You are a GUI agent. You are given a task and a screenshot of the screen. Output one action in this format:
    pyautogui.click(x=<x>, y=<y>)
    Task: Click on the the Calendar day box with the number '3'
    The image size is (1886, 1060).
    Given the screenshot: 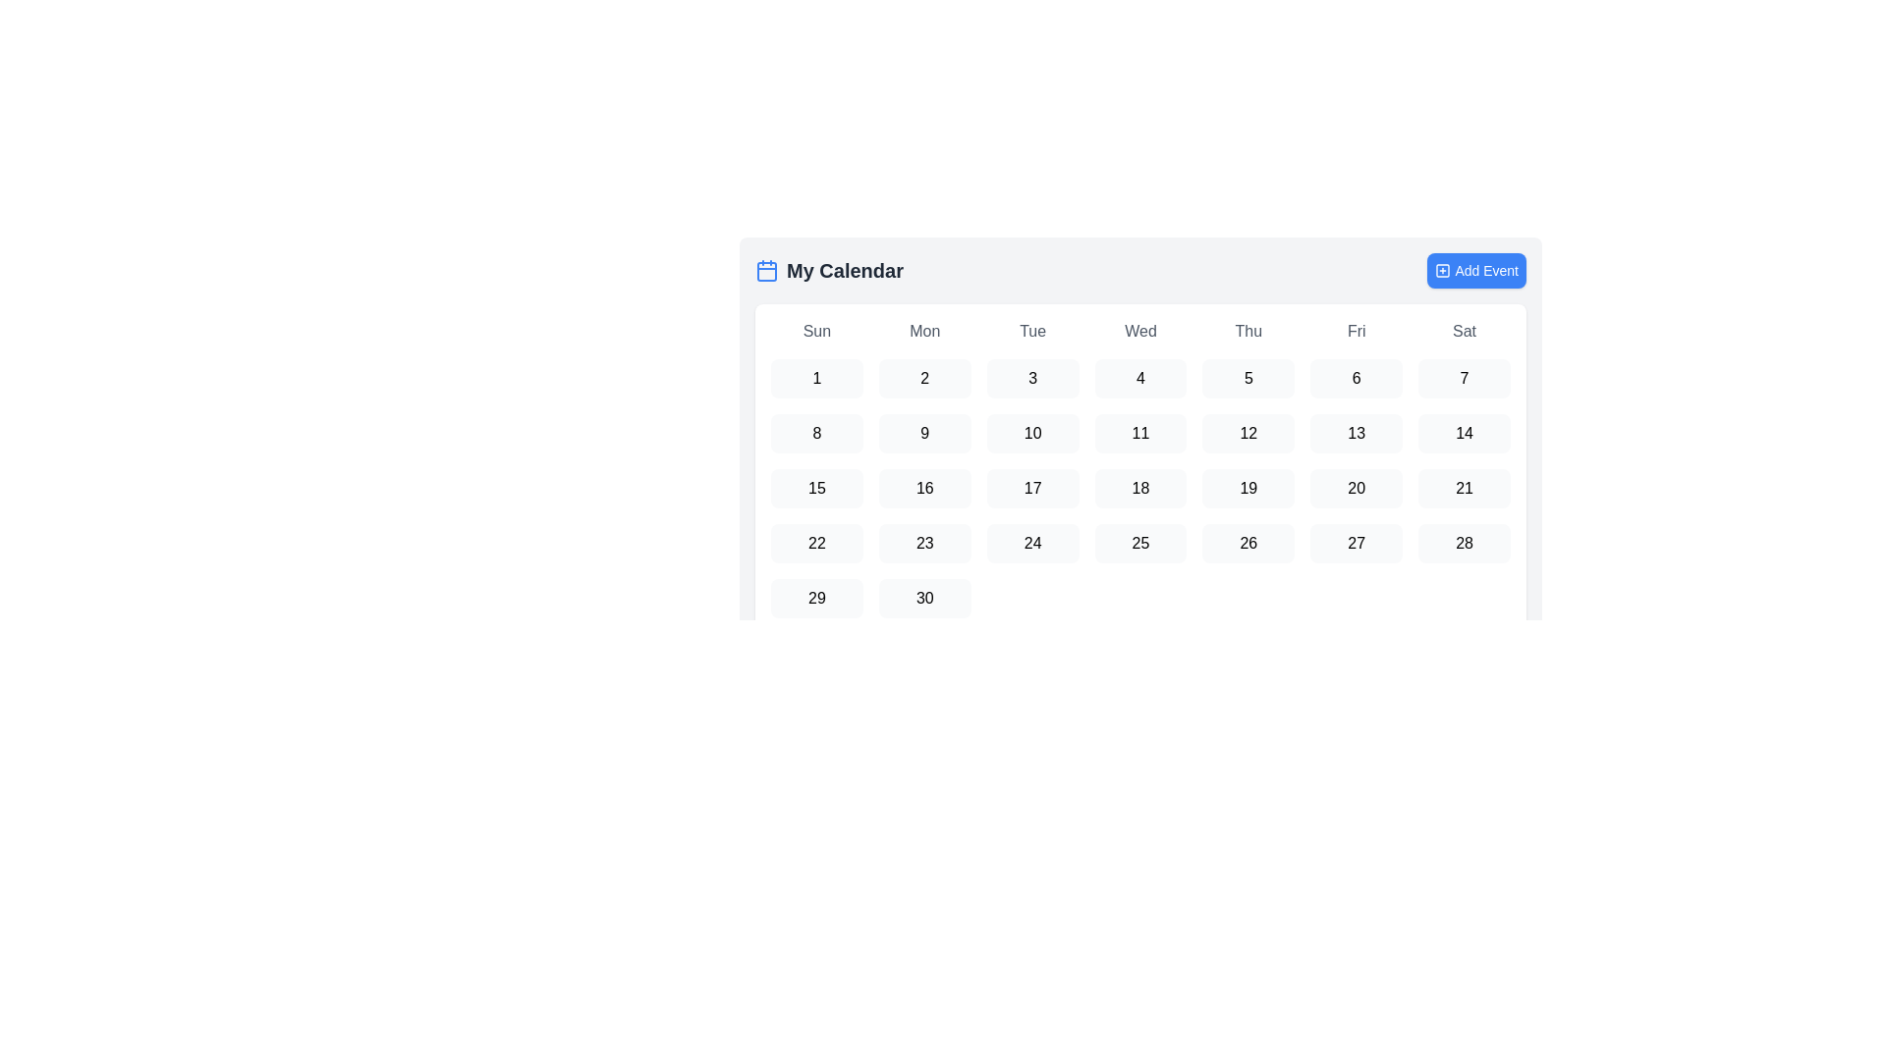 What is the action you would take?
    pyautogui.click(x=1031, y=378)
    